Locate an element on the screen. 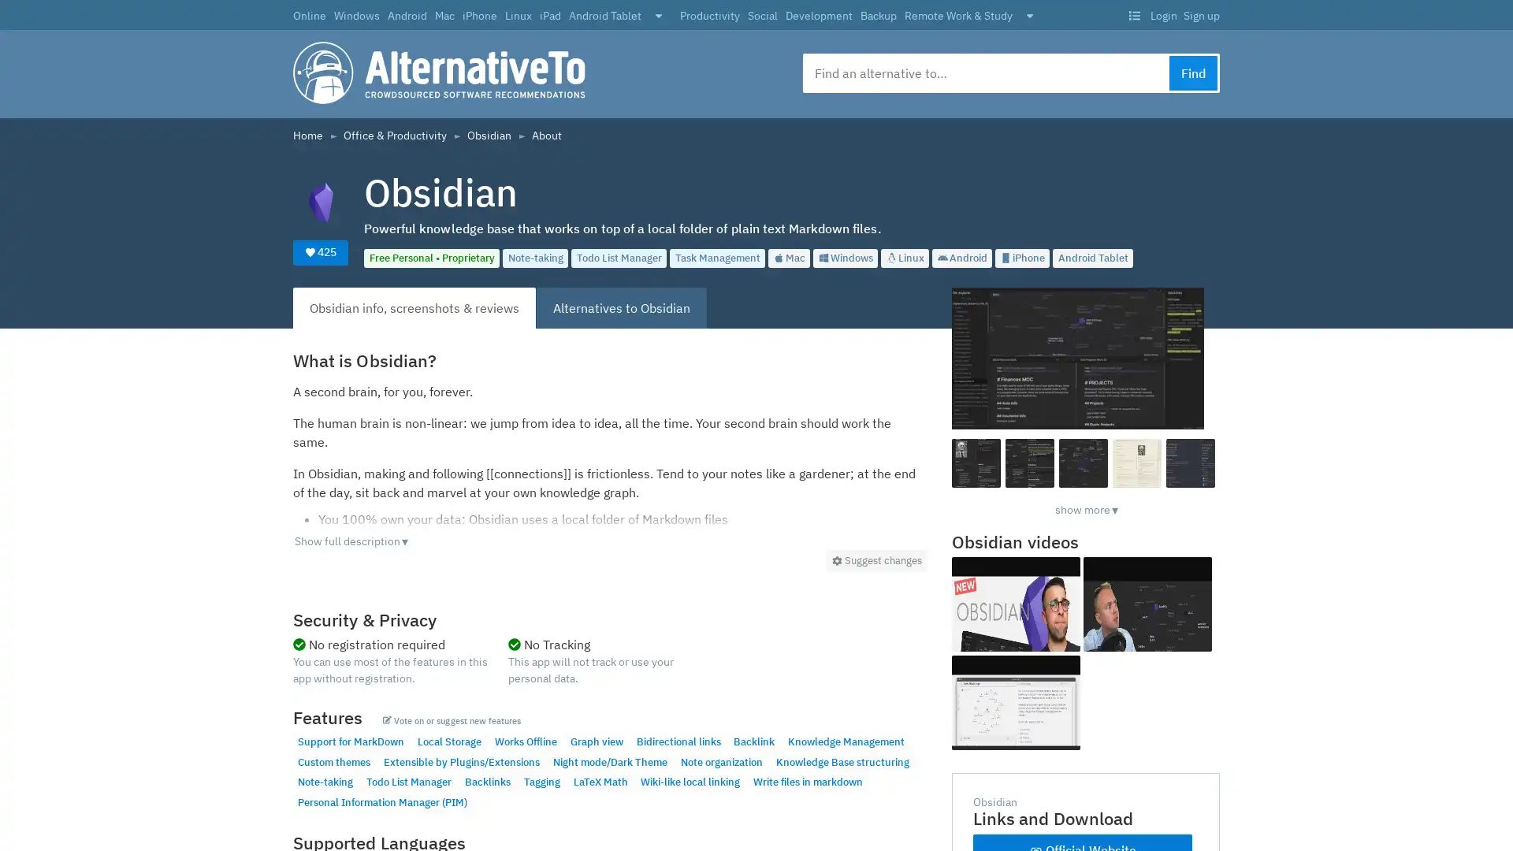 Image resolution: width=1513 pixels, height=851 pixels. Show all categories is located at coordinates (1029, 17).